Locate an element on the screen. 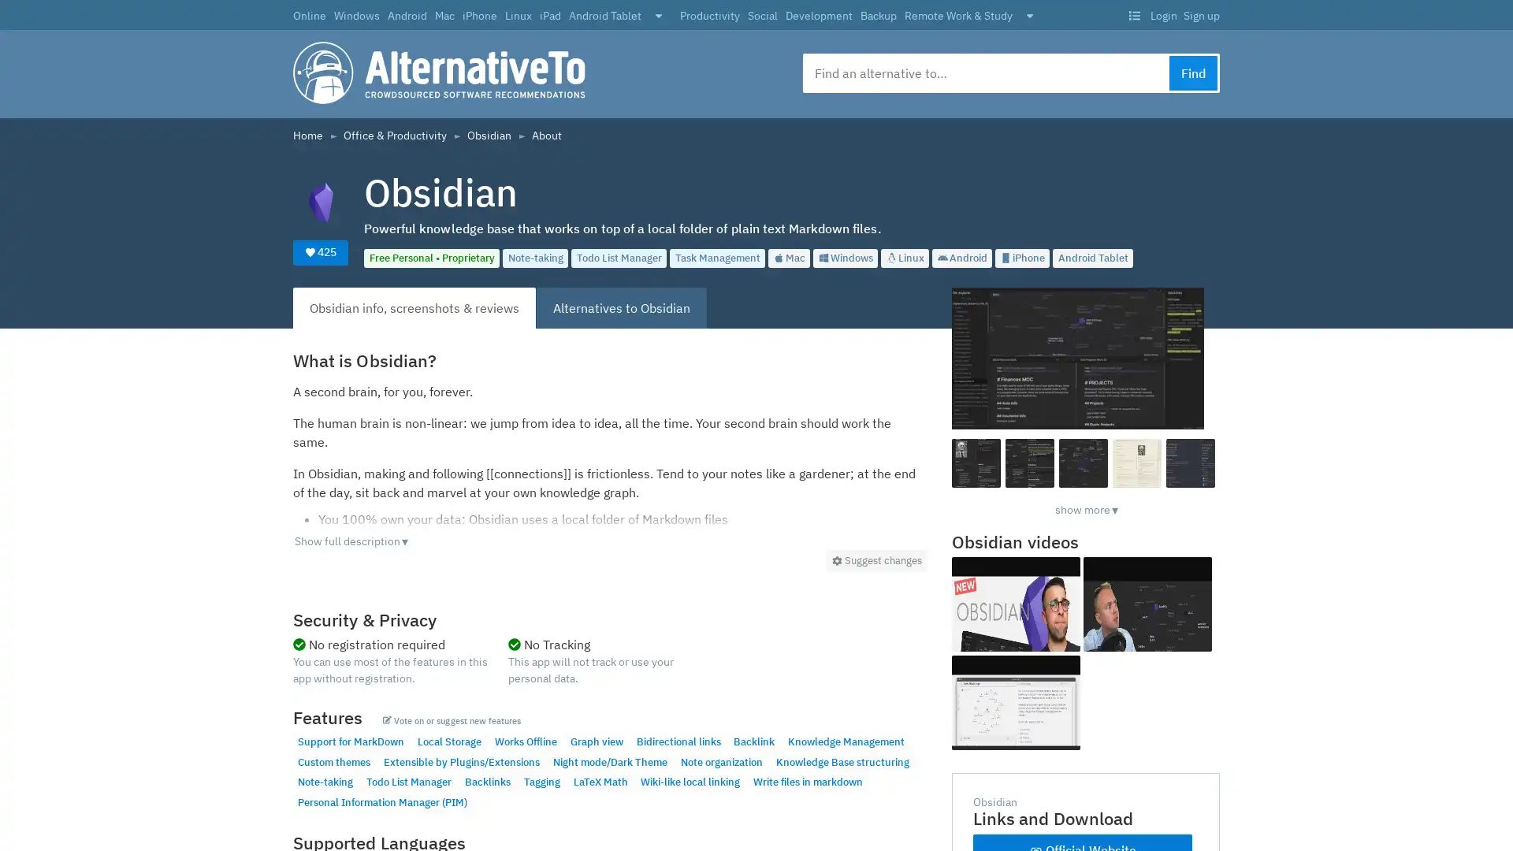 Image resolution: width=1513 pixels, height=851 pixels. Show all categories is located at coordinates (1029, 17).